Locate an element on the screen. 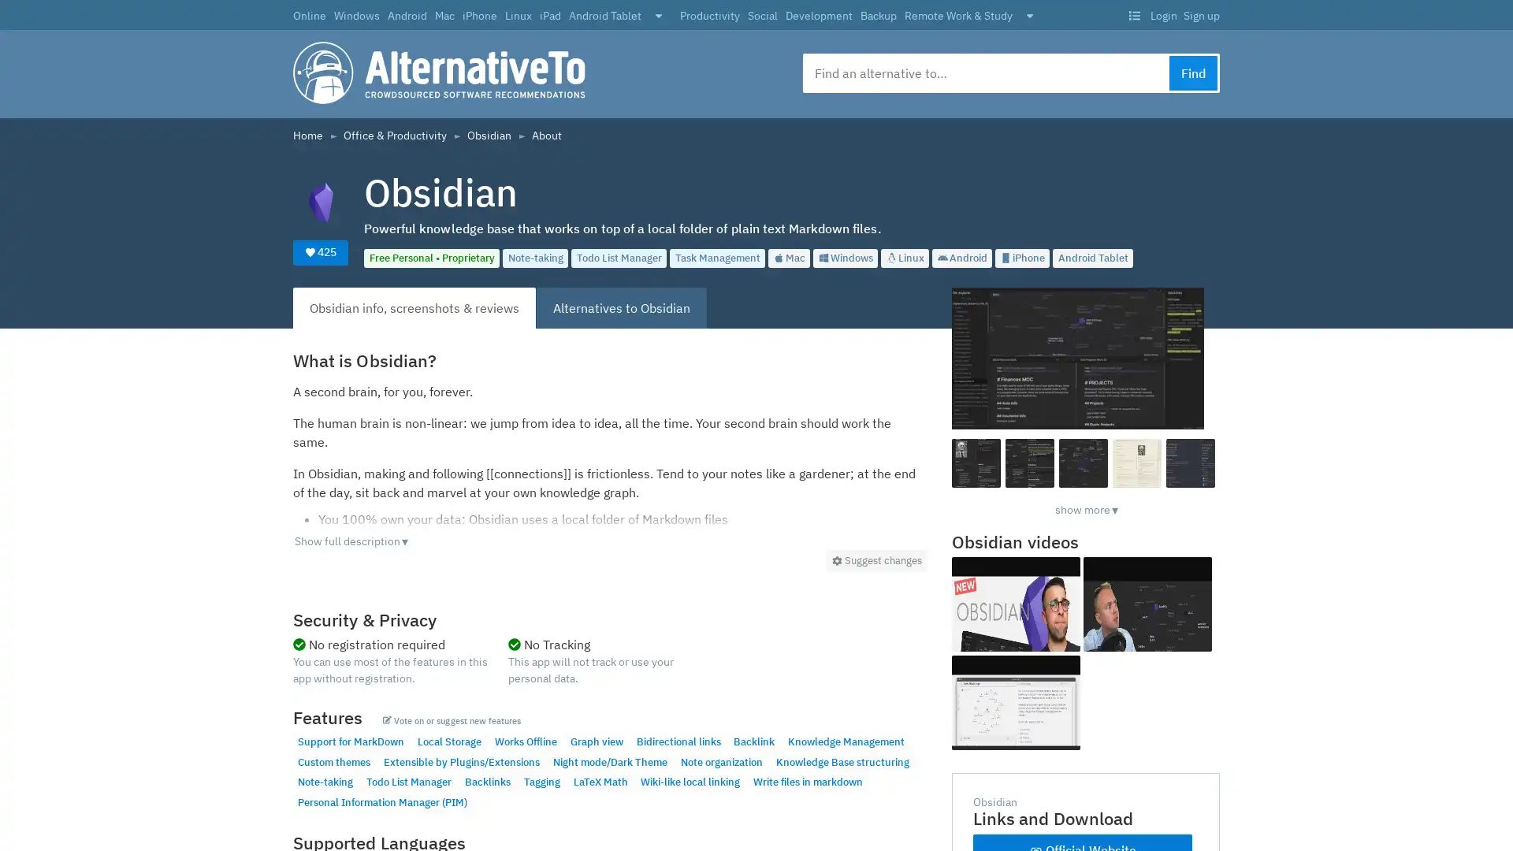 Image resolution: width=1513 pixels, height=851 pixels. Show all categories is located at coordinates (1029, 17).